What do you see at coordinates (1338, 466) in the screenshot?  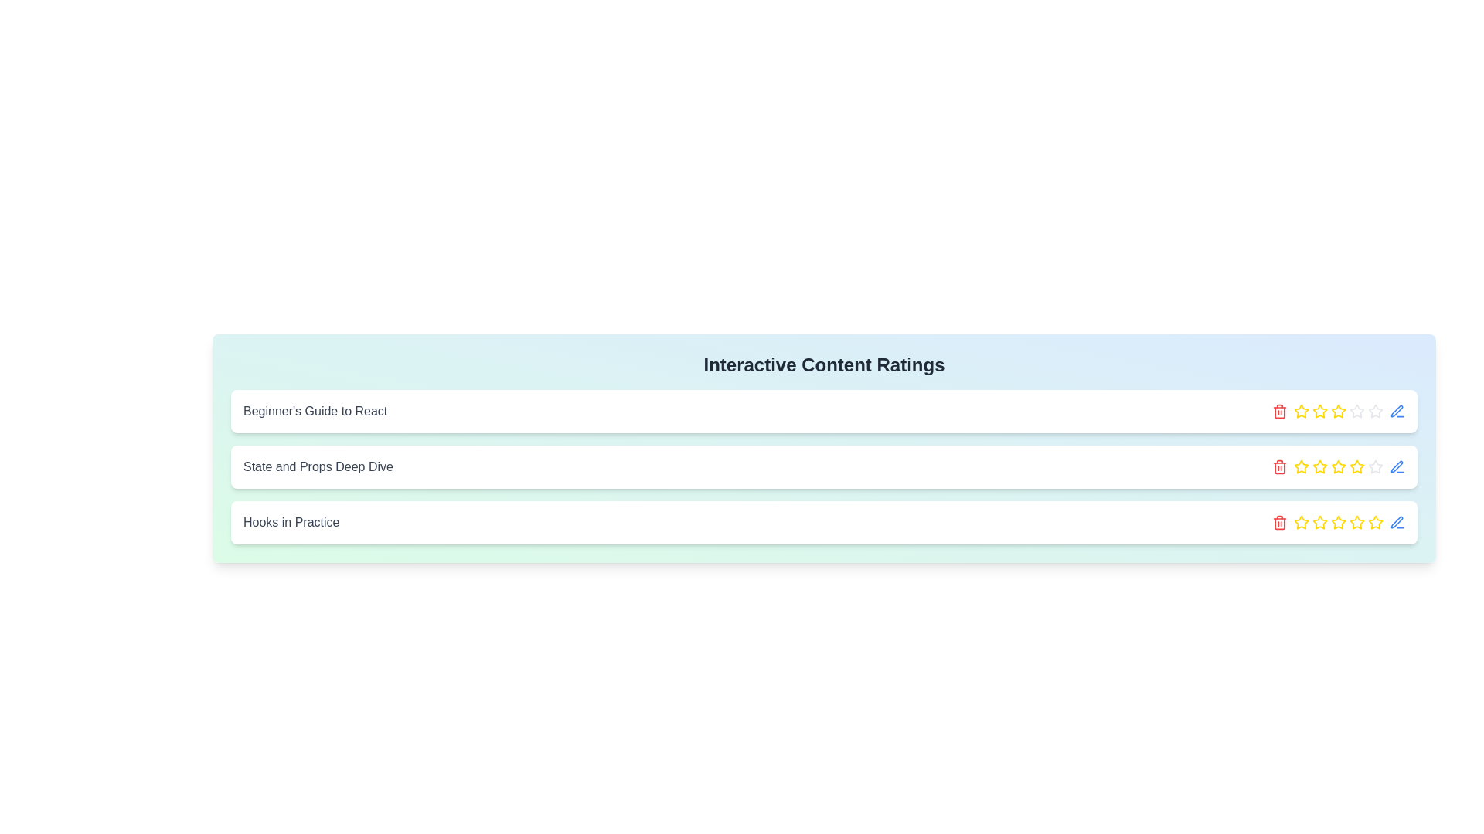 I see `the third golden star icon in the row of rating stars under the 'Interactive Content Ratings' header for 'State and Props Deep Dive'` at bounding box center [1338, 466].